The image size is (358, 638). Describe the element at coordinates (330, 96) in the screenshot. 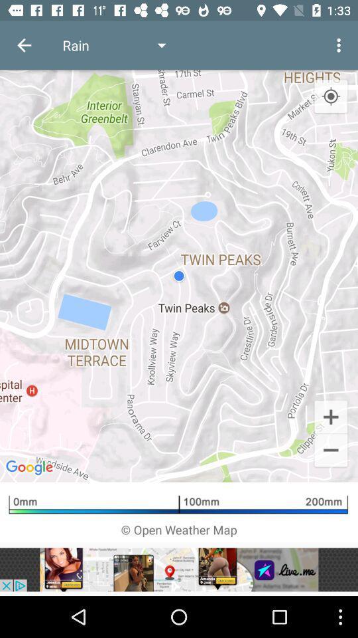

I see `the location_crosshair icon` at that location.